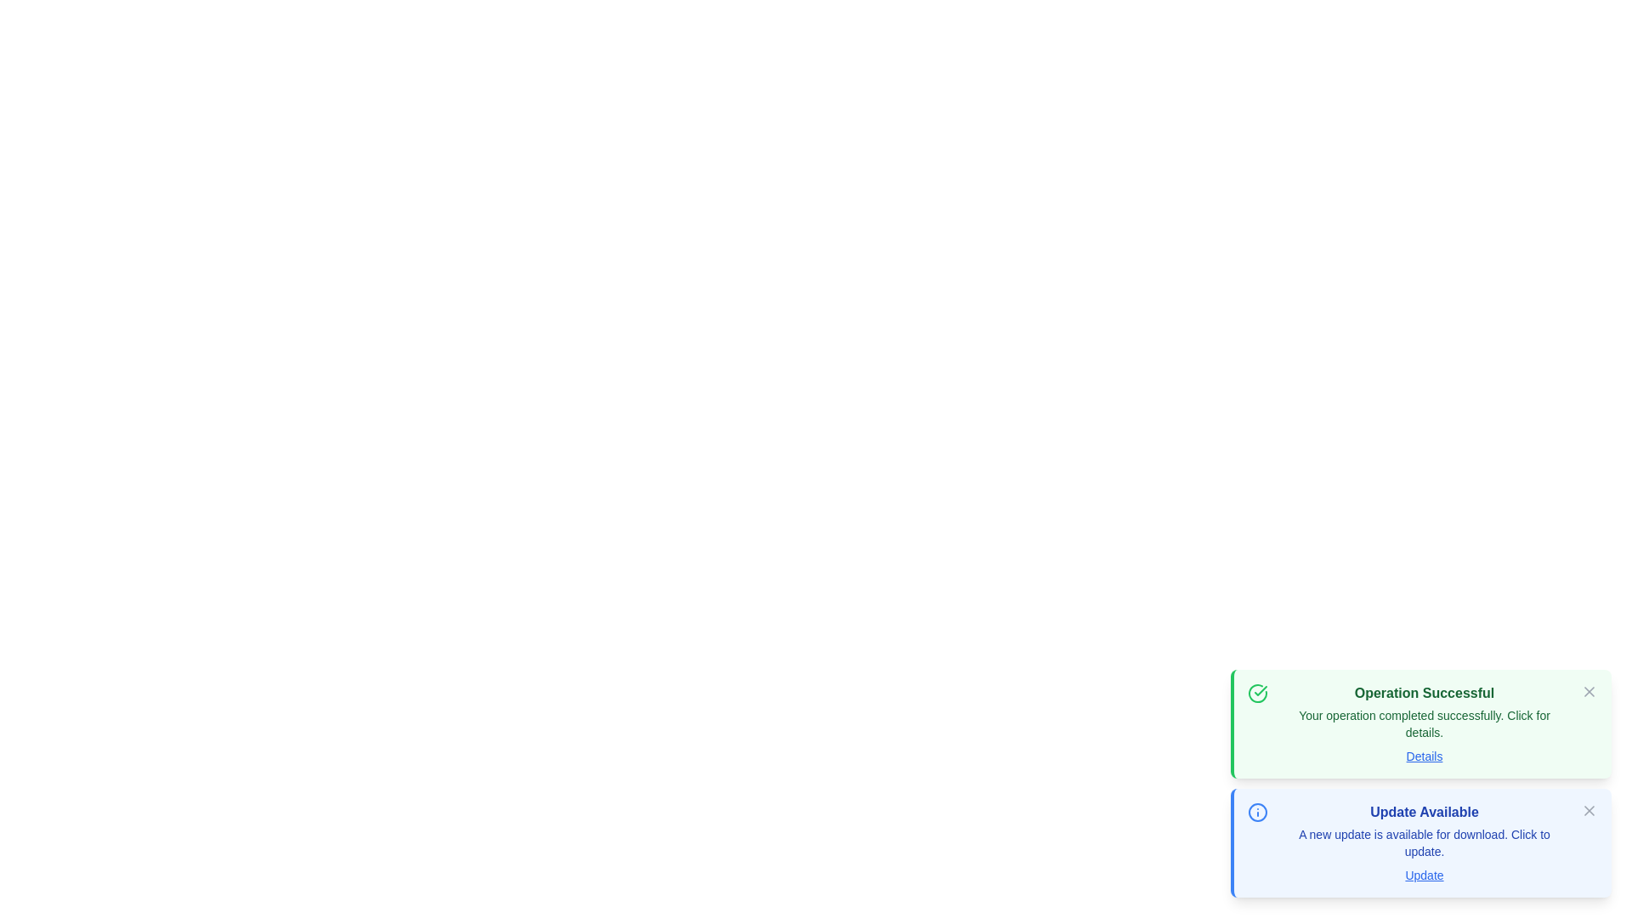 This screenshot has height=918, width=1632. What do you see at coordinates (1424, 756) in the screenshot?
I see `the 'Details' hyperlink, which is styled with blue text and underlined, located at the bottom of a green notification box below the message 'Your operation completed successfully. Click for details.'` at bounding box center [1424, 756].